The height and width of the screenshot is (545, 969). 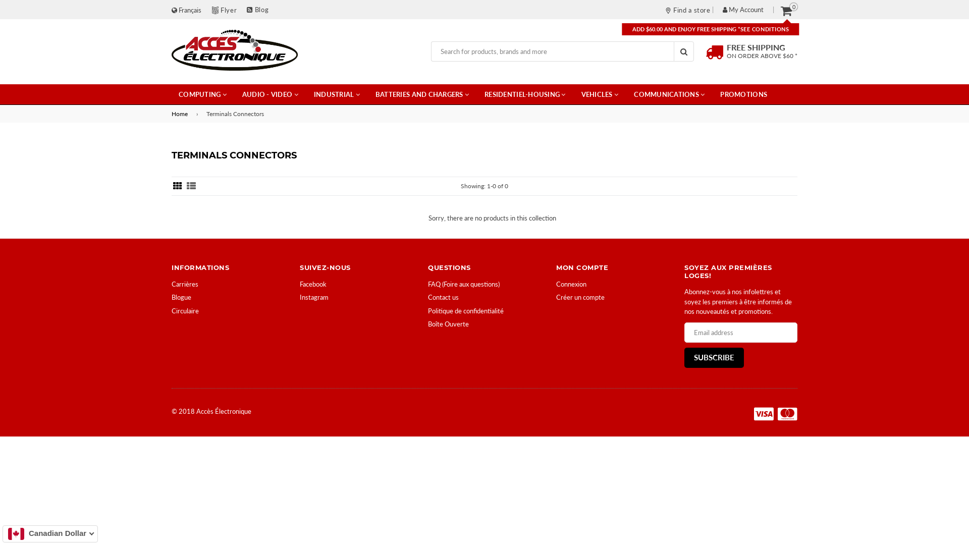 What do you see at coordinates (228, 10) in the screenshot?
I see `'Flyer'` at bounding box center [228, 10].